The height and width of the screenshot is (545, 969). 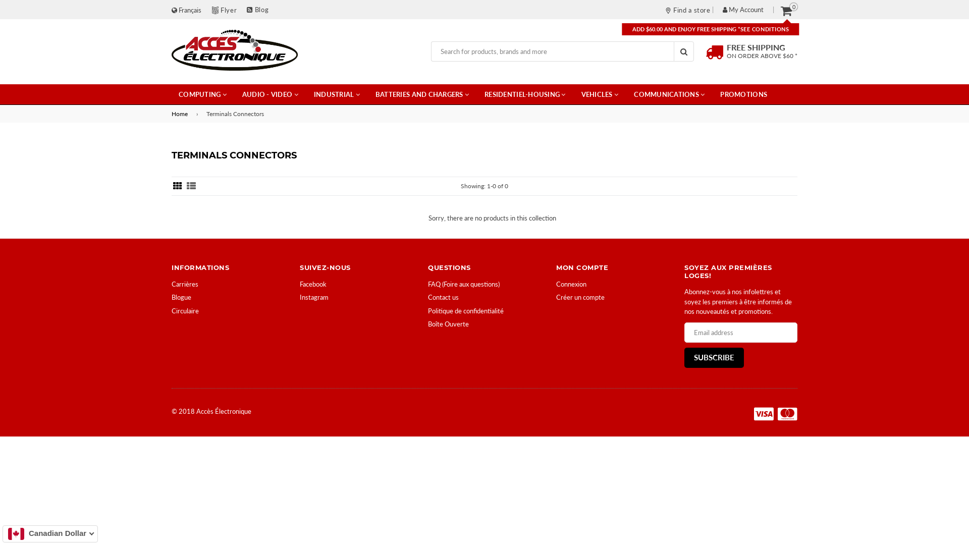 What do you see at coordinates (228, 10) in the screenshot?
I see `'Flyer'` at bounding box center [228, 10].